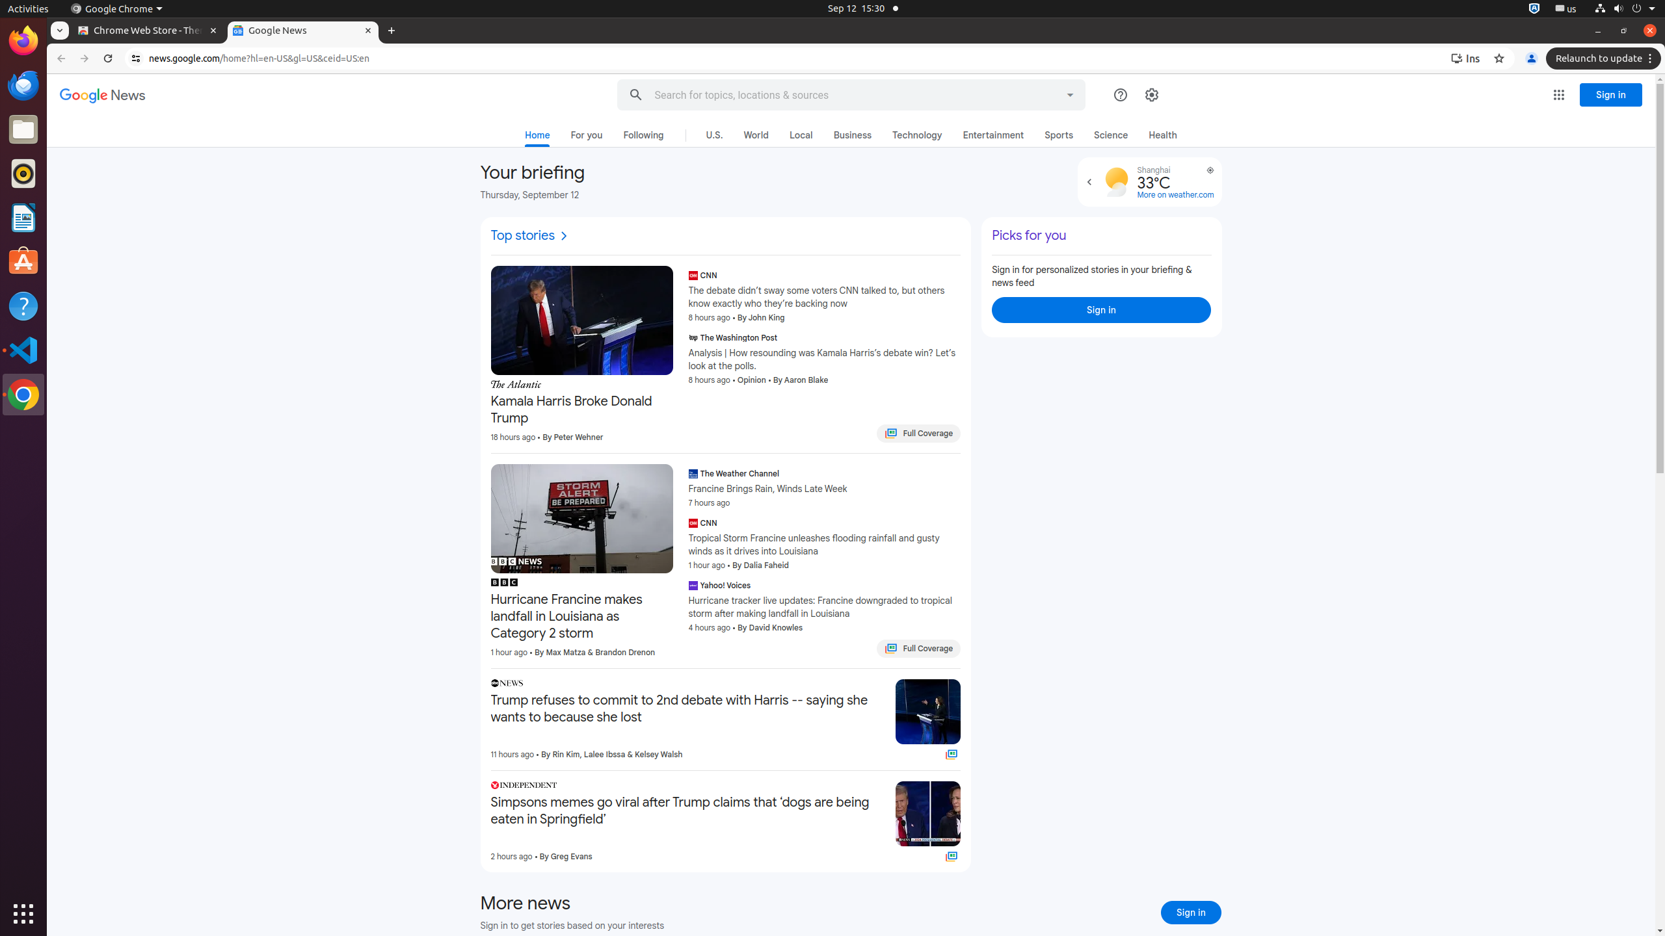 The width and height of the screenshot is (1665, 936). I want to click on 'Show Applications', so click(23, 913).